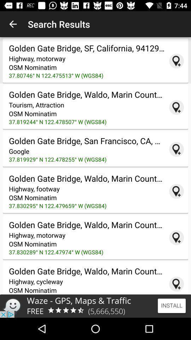 This screenshot has height=340, width=191. What do you see at coordinates (176, 61) in the screenshot?
I see `show on map` at bounding box center [176, 61].